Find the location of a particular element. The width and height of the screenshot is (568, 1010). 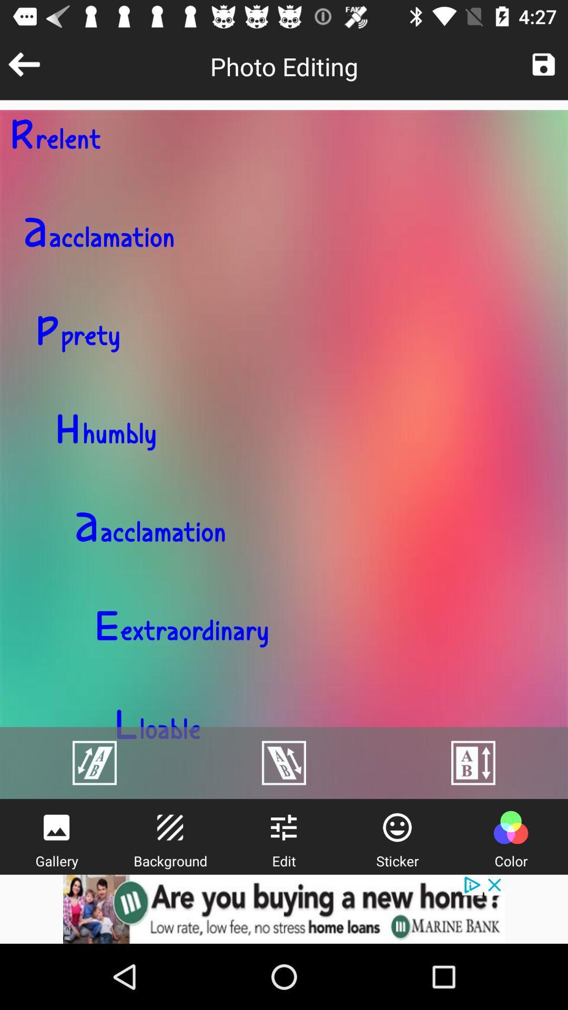

align words diagonally is located at coordinates (95, 763).